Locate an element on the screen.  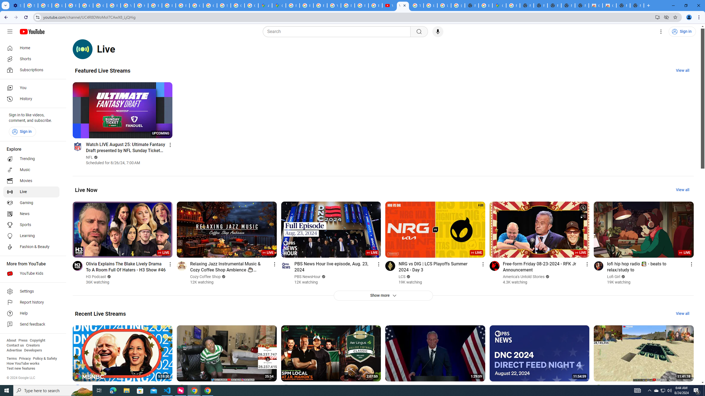
'Live Now' is located at coordinates (86, 189).